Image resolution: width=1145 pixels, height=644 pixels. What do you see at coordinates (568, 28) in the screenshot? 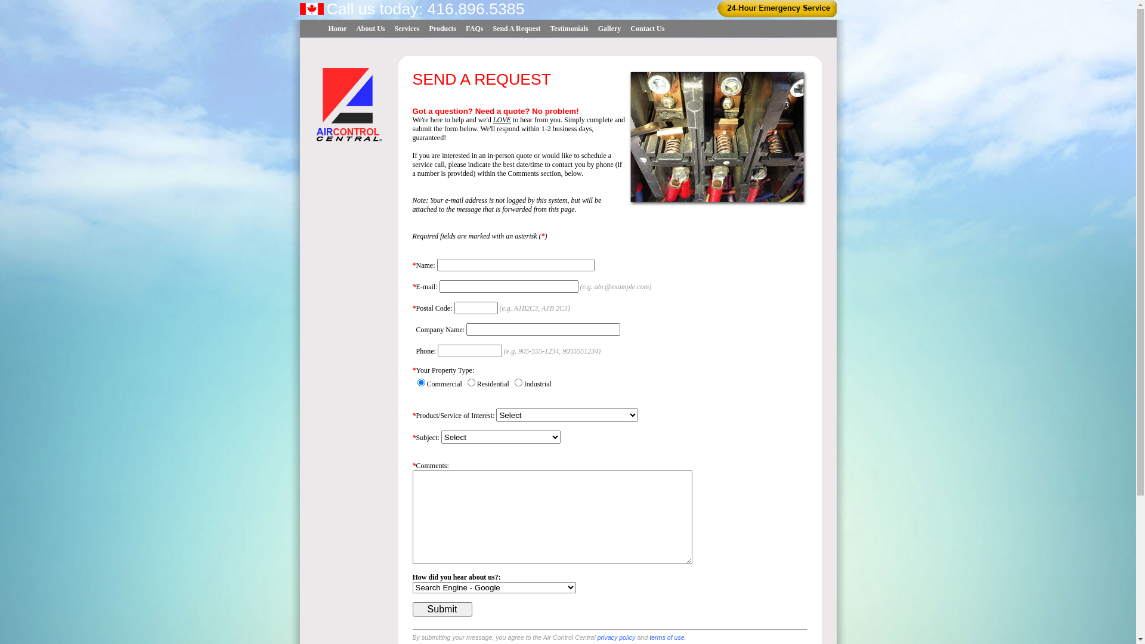
I see `'Testimonials'` at bounding box center [568, 28].